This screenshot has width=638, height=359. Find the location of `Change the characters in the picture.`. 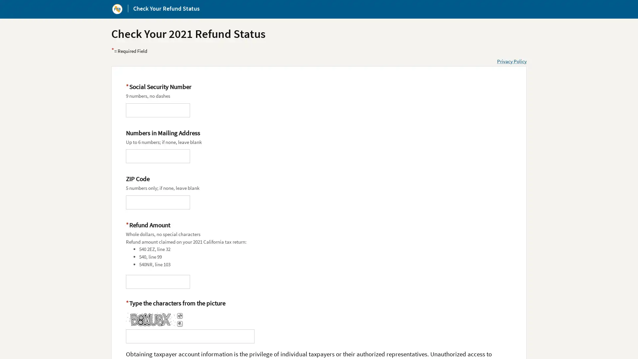

Change the characters in the picture. is located at coordinates (179, 315).